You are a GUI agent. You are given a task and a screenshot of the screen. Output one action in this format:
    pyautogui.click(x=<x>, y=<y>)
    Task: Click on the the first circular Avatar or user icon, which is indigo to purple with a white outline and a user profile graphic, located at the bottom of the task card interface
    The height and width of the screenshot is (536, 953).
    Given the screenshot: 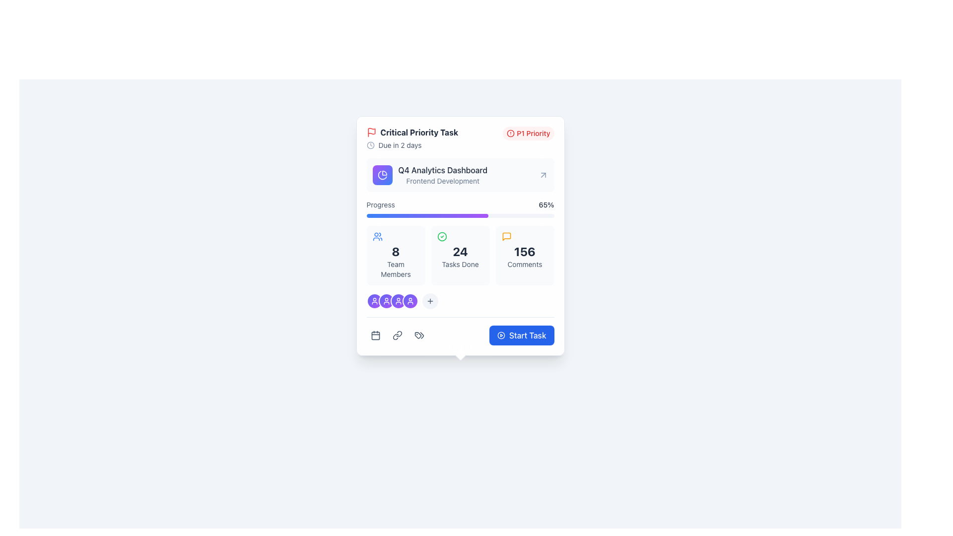 What is the action you would take?
    pyautogui.click(x=374, y=300)
    